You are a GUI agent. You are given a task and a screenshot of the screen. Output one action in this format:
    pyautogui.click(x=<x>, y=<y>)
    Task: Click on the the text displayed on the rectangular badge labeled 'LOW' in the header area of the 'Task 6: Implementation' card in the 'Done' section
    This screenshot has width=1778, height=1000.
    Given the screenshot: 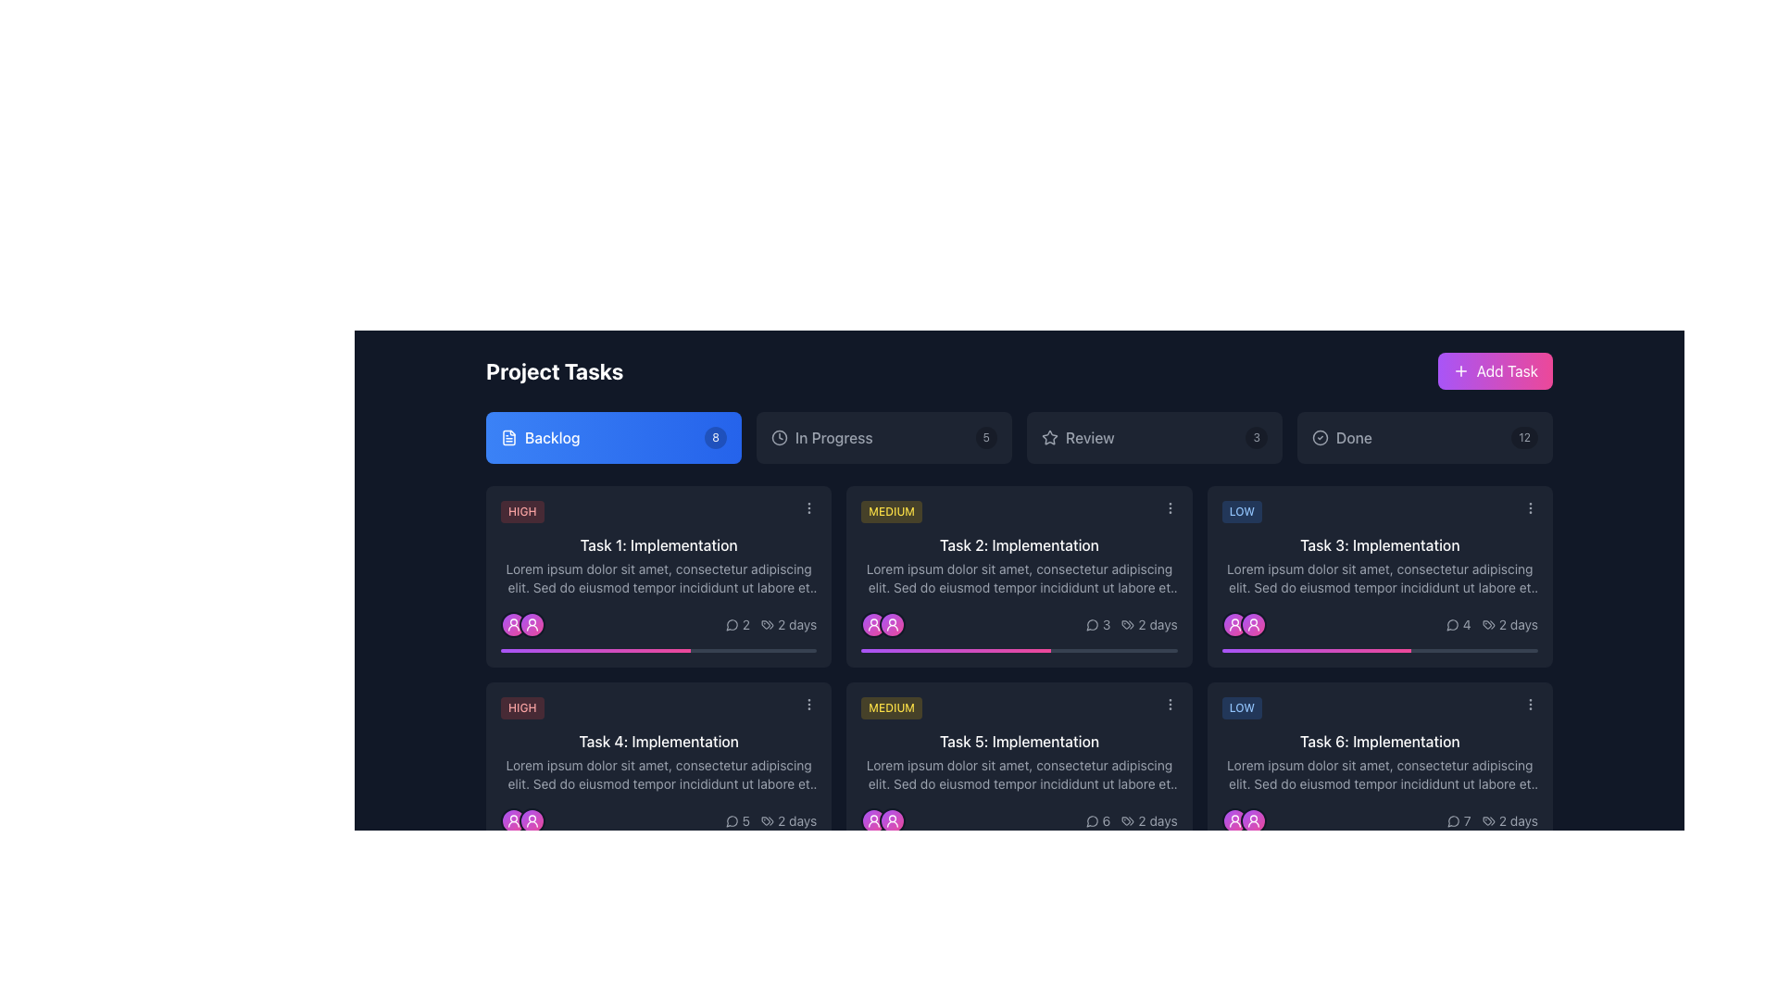 What is the action you would take?
    pyautogui.click(x=1242, y=707)
    